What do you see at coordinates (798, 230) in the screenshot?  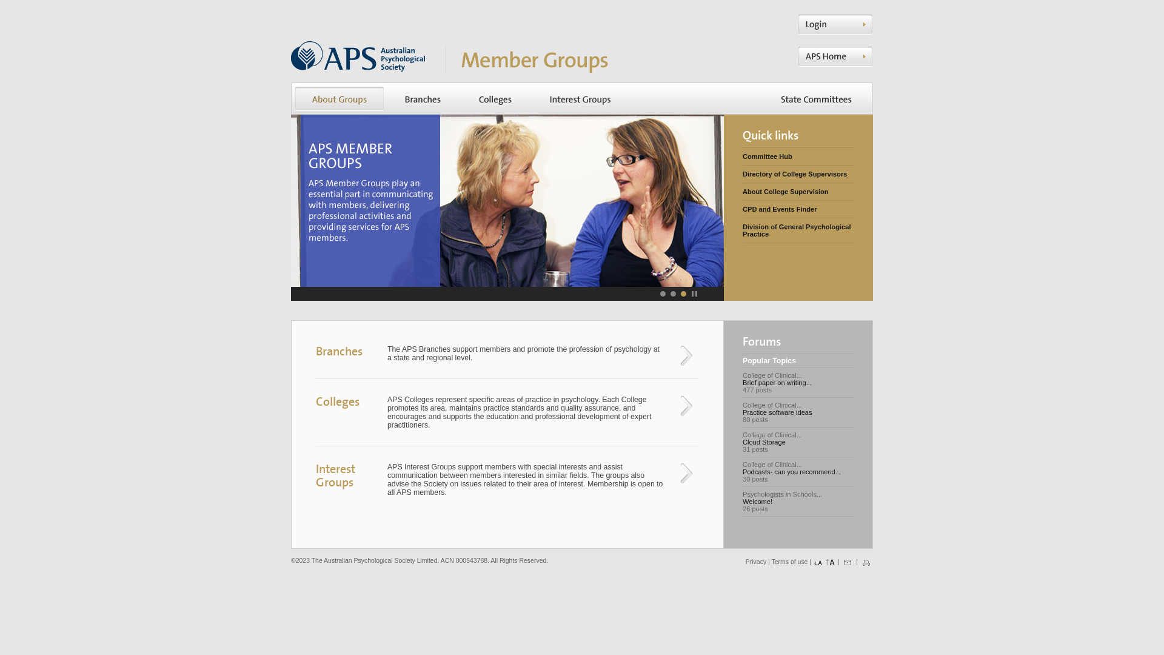 I see `'Division of General Psychological Practice'` at bounding box center [798, 230].